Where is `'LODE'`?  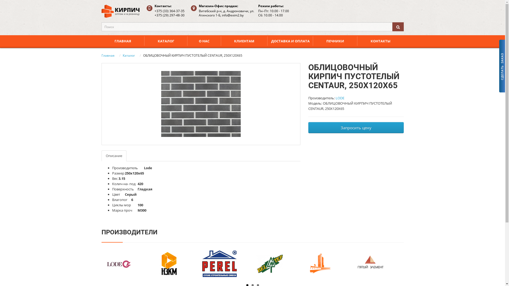 'LODE' is located at coordinates (340, 98).